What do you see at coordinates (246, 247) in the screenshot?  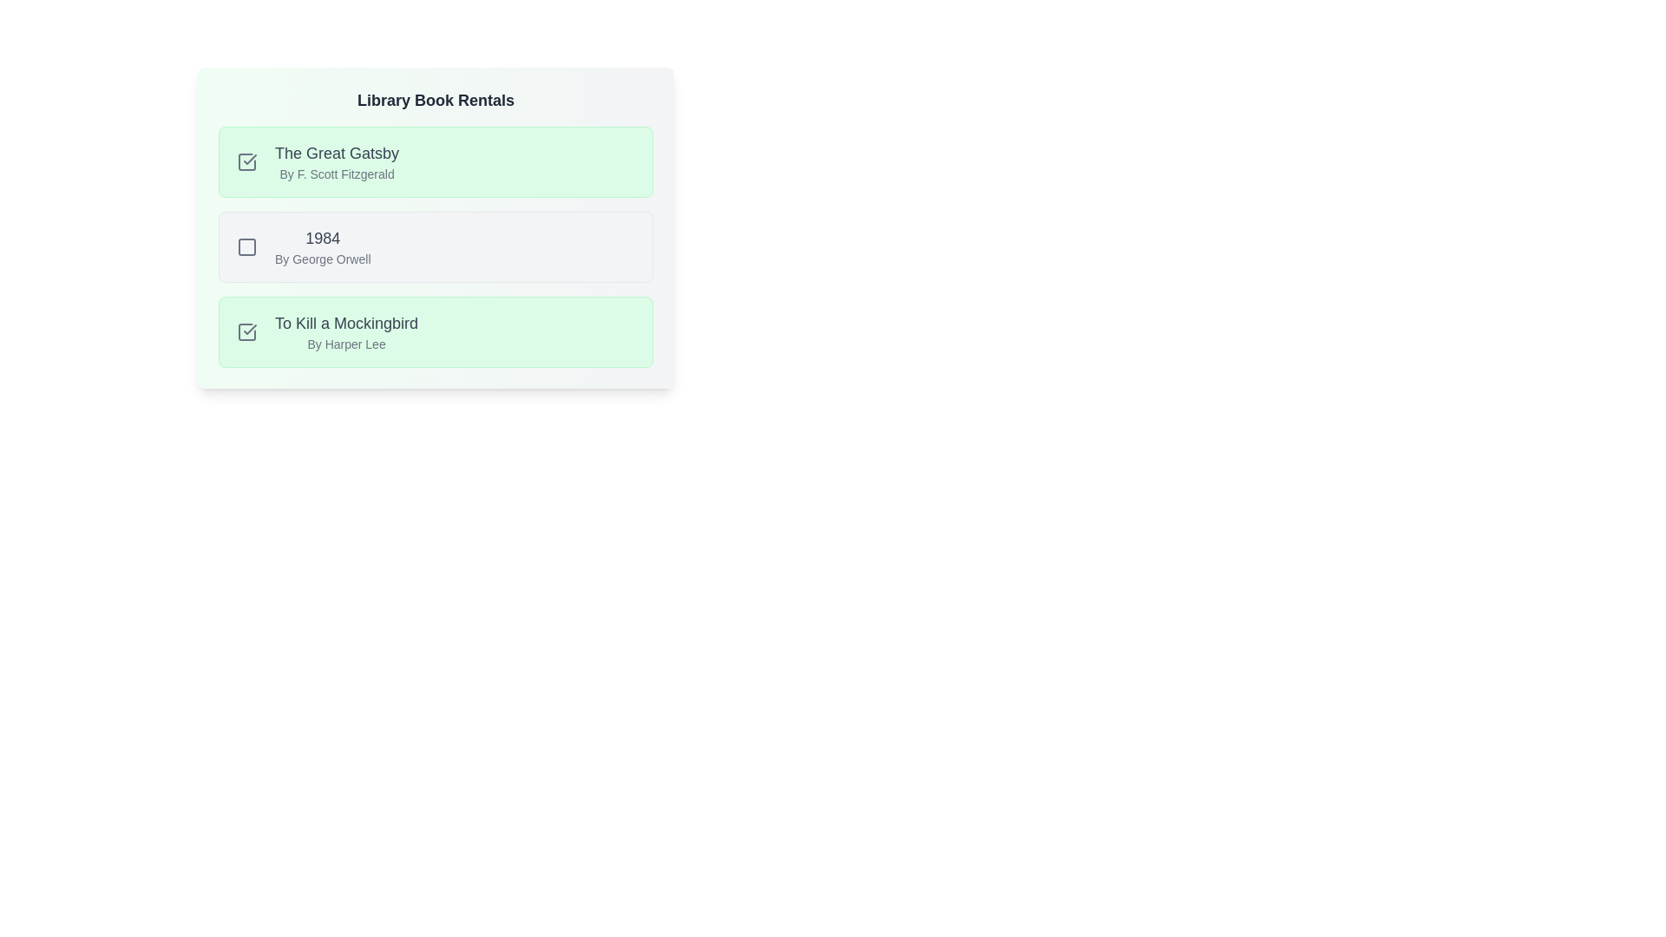 I see `the toggle button for 1984` at bounding box center [246, 247].